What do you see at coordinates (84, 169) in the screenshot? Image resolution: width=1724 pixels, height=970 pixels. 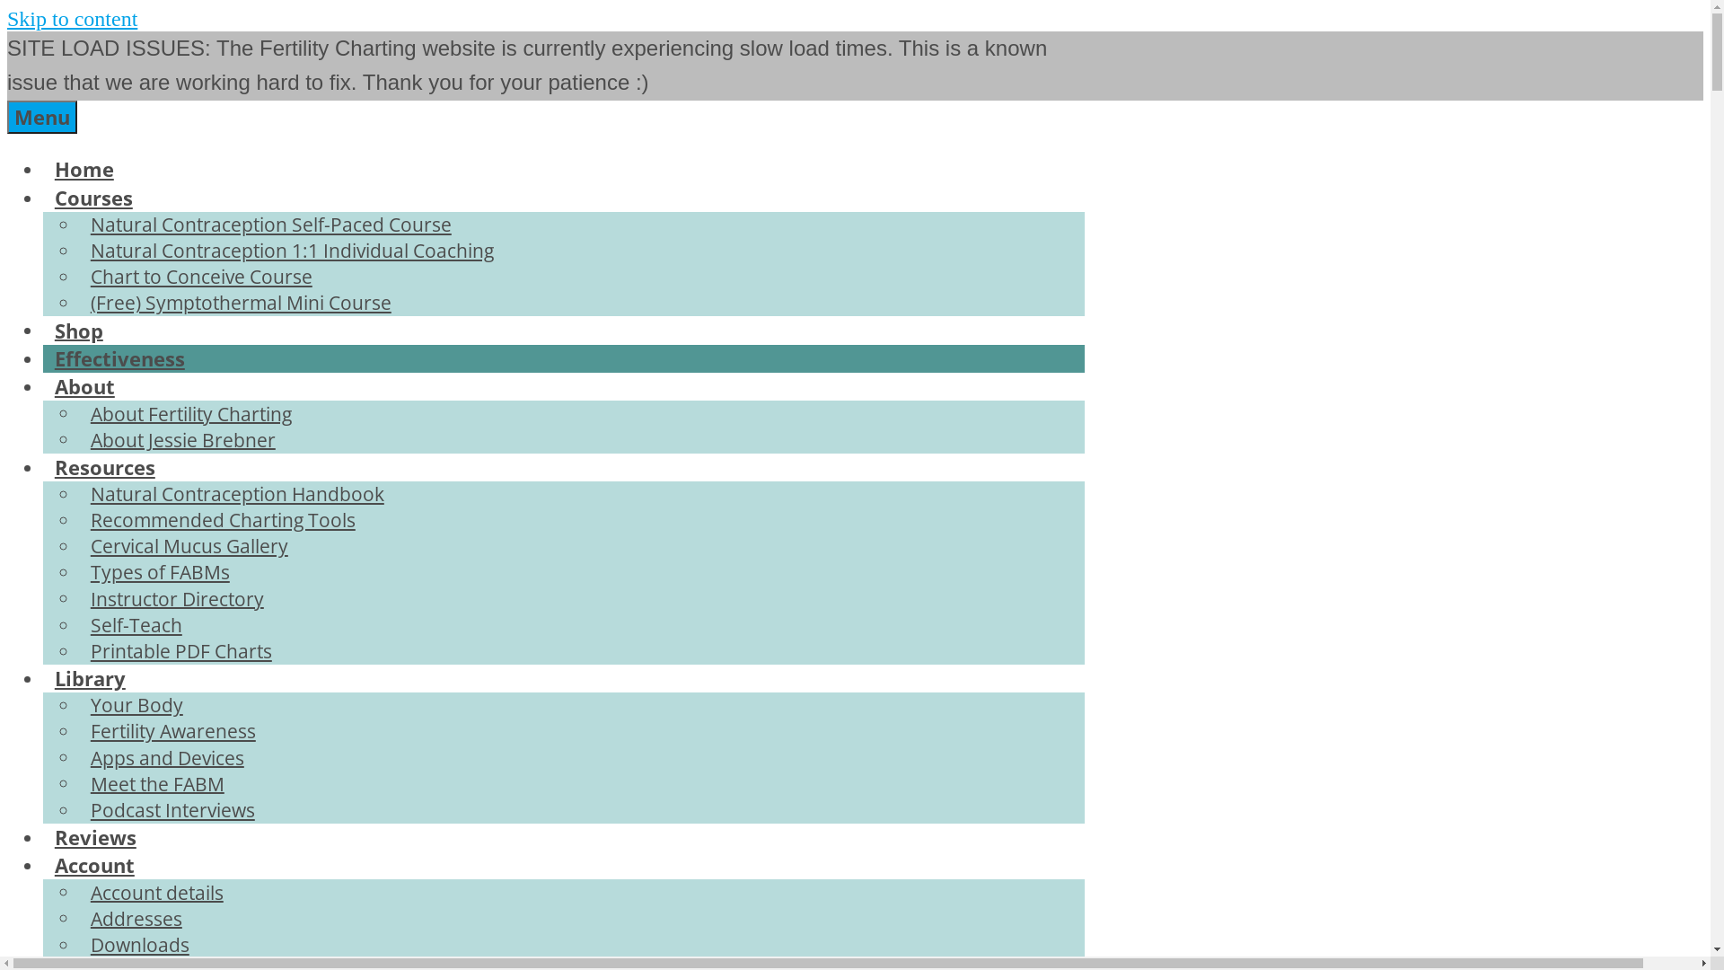 I see `'Home'` at bounding box center [84, 169].